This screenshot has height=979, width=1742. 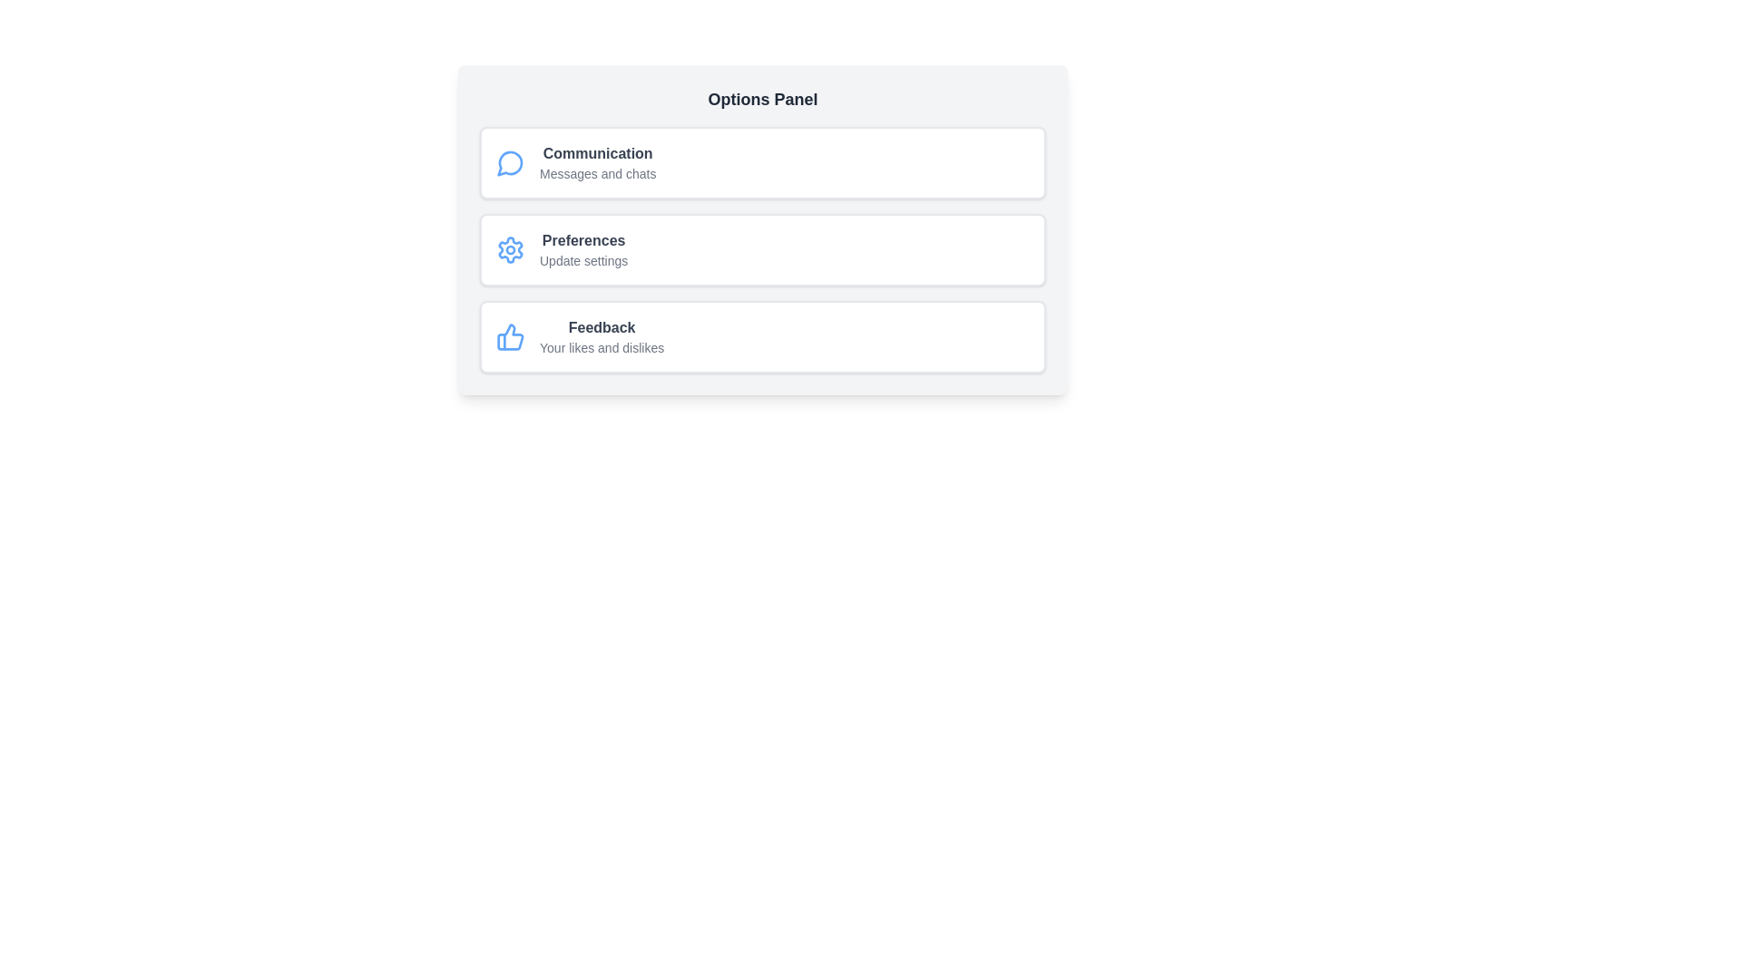 I want to click on the list item corresponding to Preferences, so click(x=762, y=250).